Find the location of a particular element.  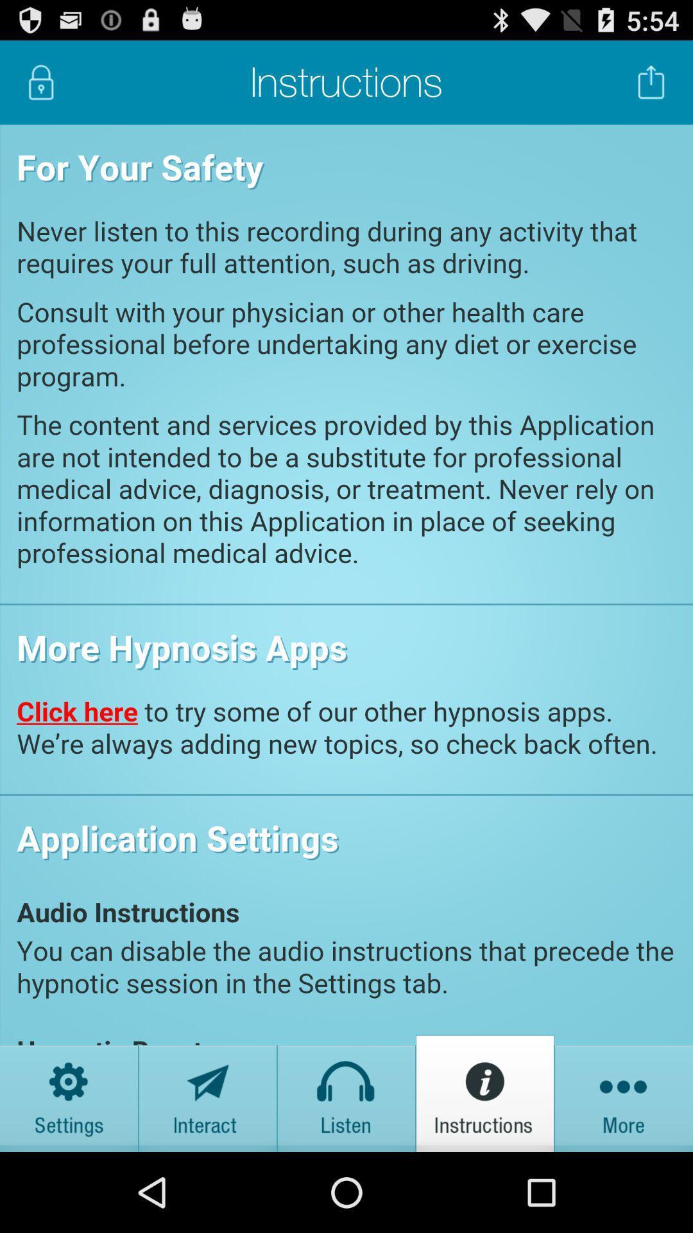

click the lock button is located at coordinates (40, 82).